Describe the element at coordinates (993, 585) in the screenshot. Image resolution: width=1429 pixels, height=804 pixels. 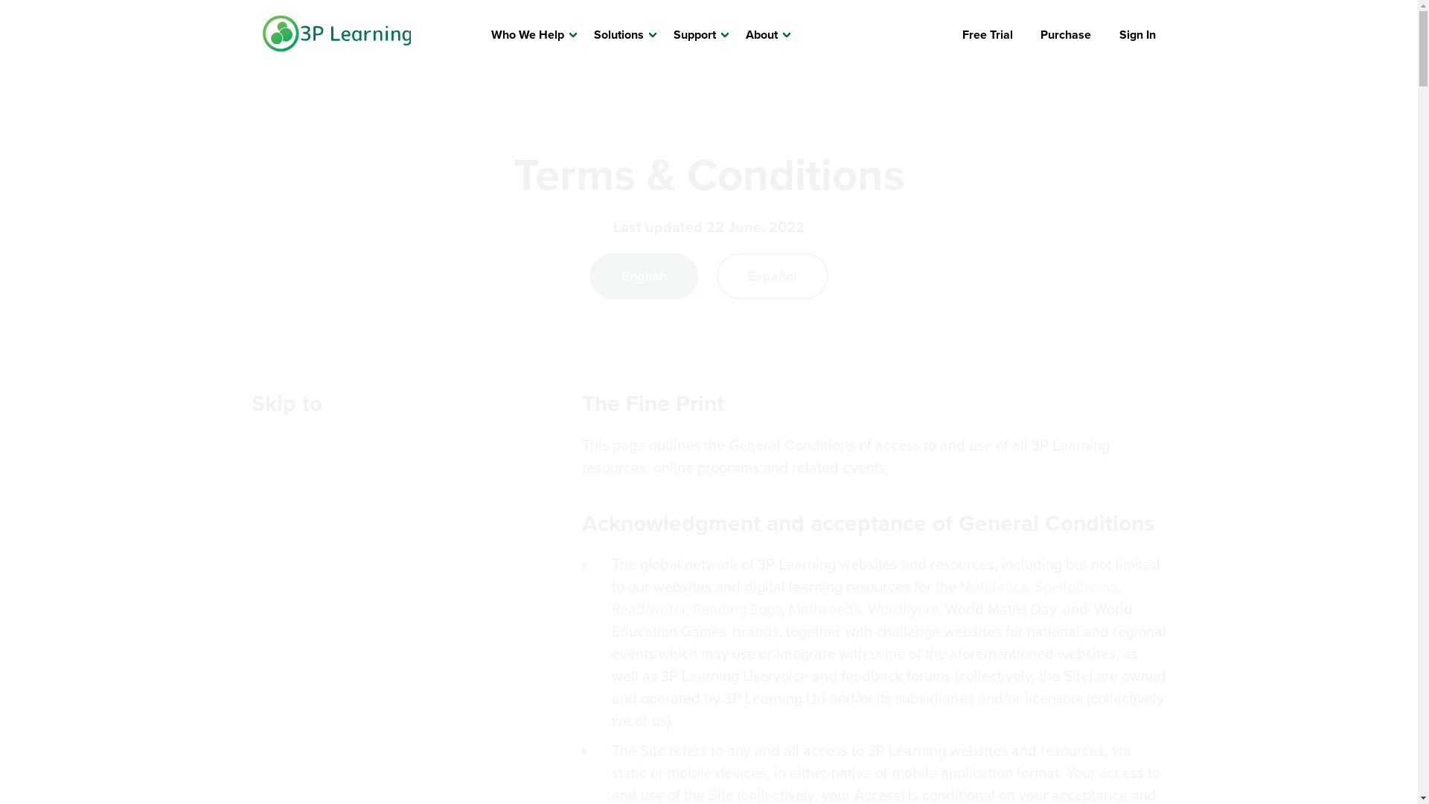
I see `'Mathletics'` at that location.